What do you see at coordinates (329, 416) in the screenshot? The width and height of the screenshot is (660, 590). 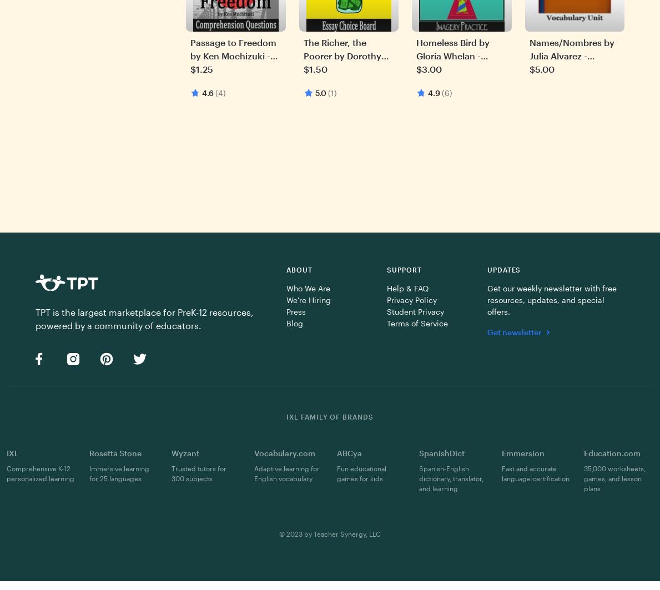 I see `'IXL family of brands'` at bounding box center [329, 416].